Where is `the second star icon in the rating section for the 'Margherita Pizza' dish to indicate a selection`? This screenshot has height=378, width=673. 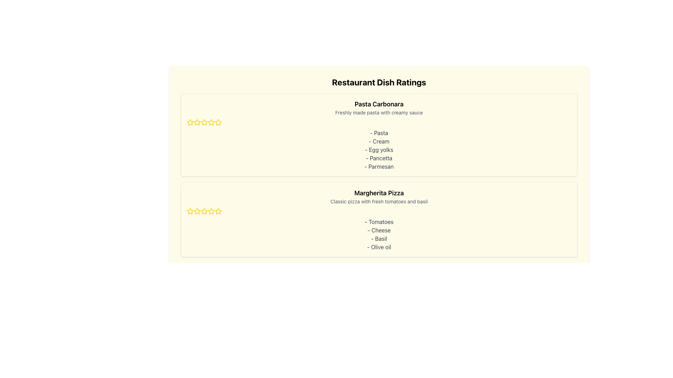 the second star icon in the rating section for the 'Margherita Pizza' dish to indicate a selection is located at coordinates (204, 211).